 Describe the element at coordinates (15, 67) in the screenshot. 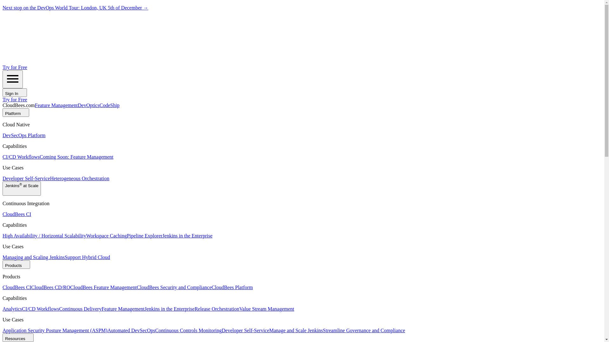

I see `'Try for Free'` at that location.